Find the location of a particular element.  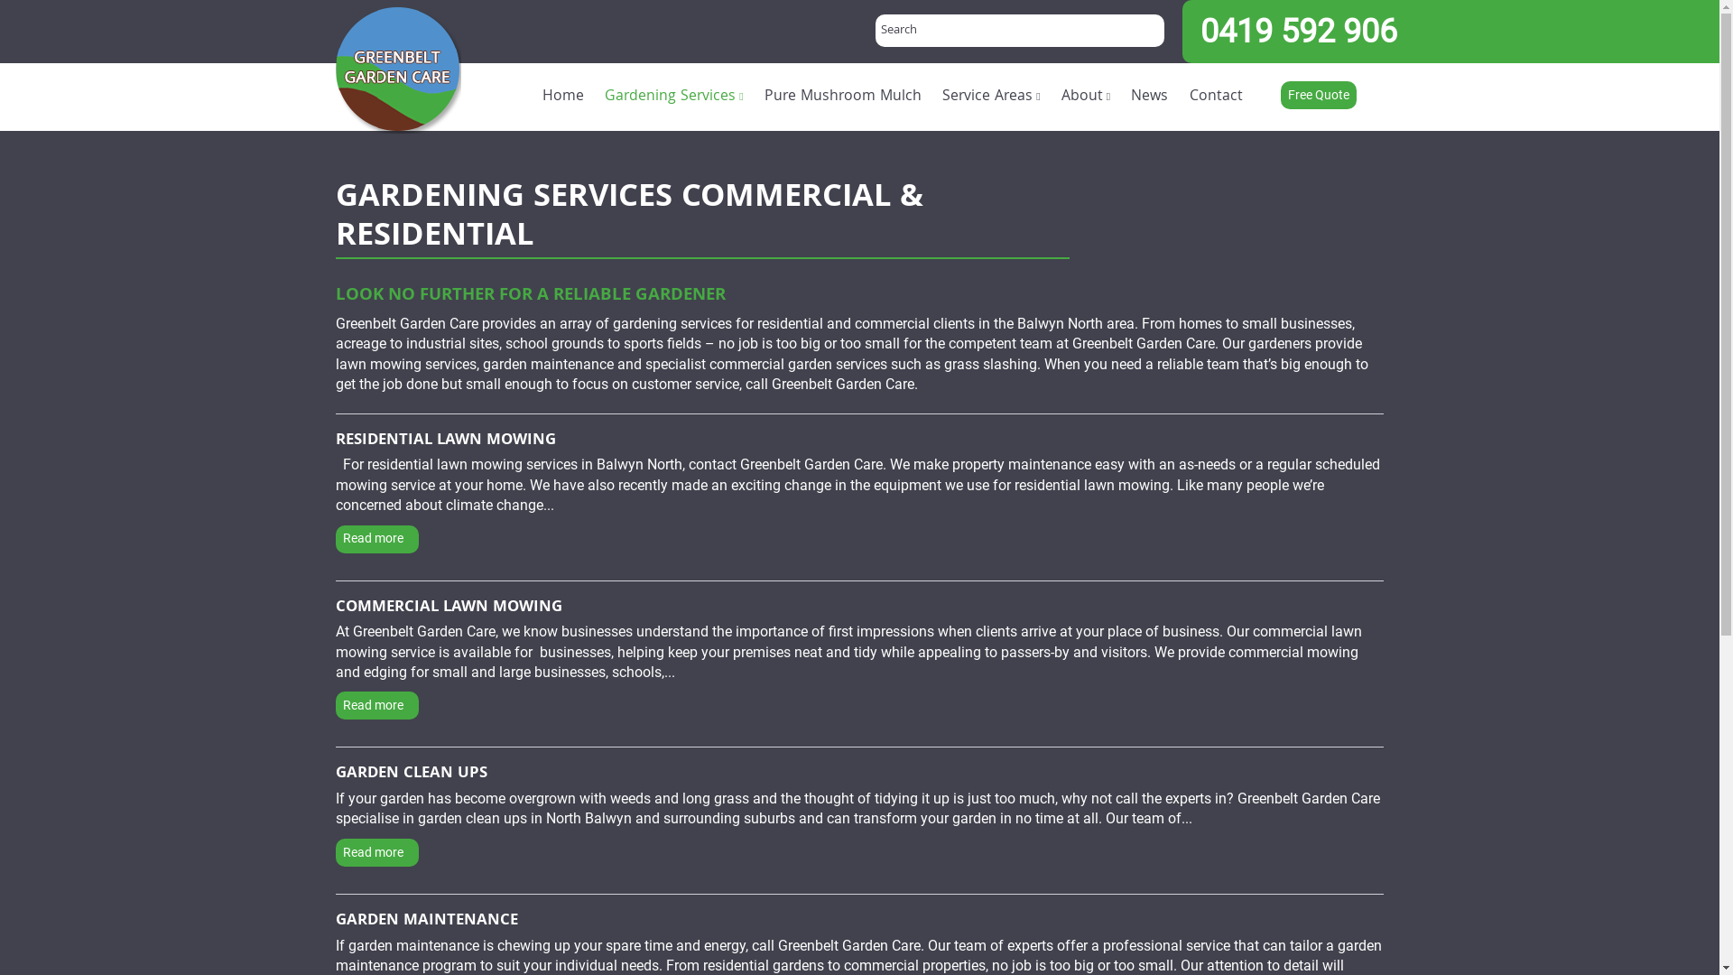

'COMMERCIAL LAWN MOWING' is located at coordinates (449, 608).